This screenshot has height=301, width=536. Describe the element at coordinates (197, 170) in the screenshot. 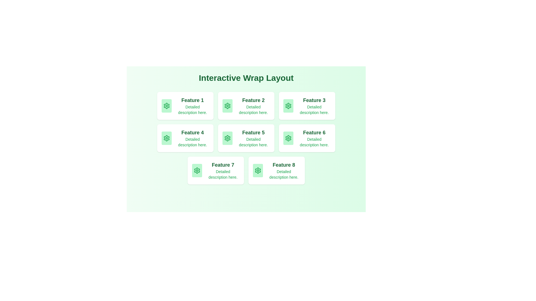

I see `the gear icon representing settings for the 'Feature 7' card, located in the bottom row of the layout grid` at that location.